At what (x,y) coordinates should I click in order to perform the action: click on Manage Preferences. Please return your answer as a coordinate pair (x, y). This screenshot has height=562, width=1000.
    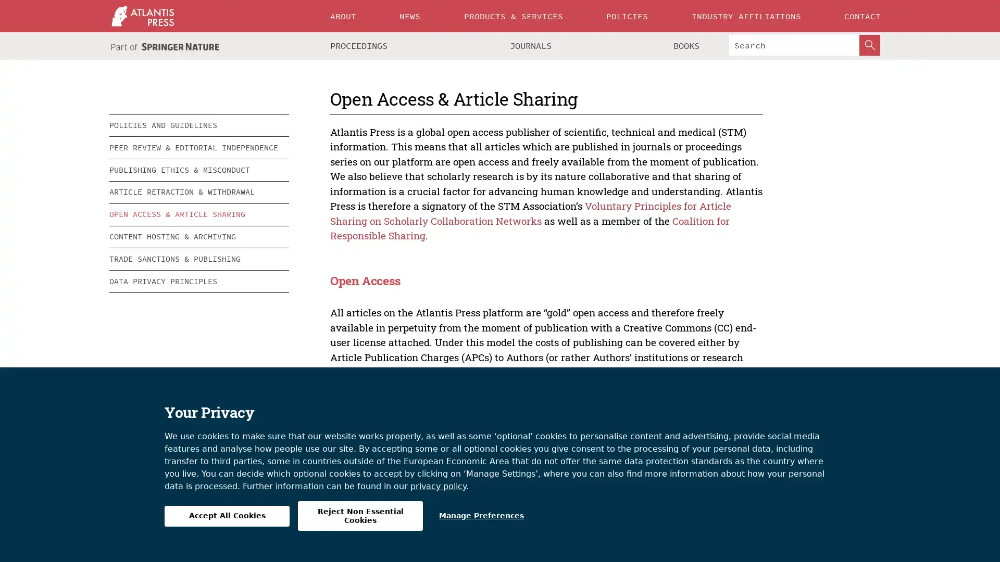
    Looking at the image, I should click on (481, 516).